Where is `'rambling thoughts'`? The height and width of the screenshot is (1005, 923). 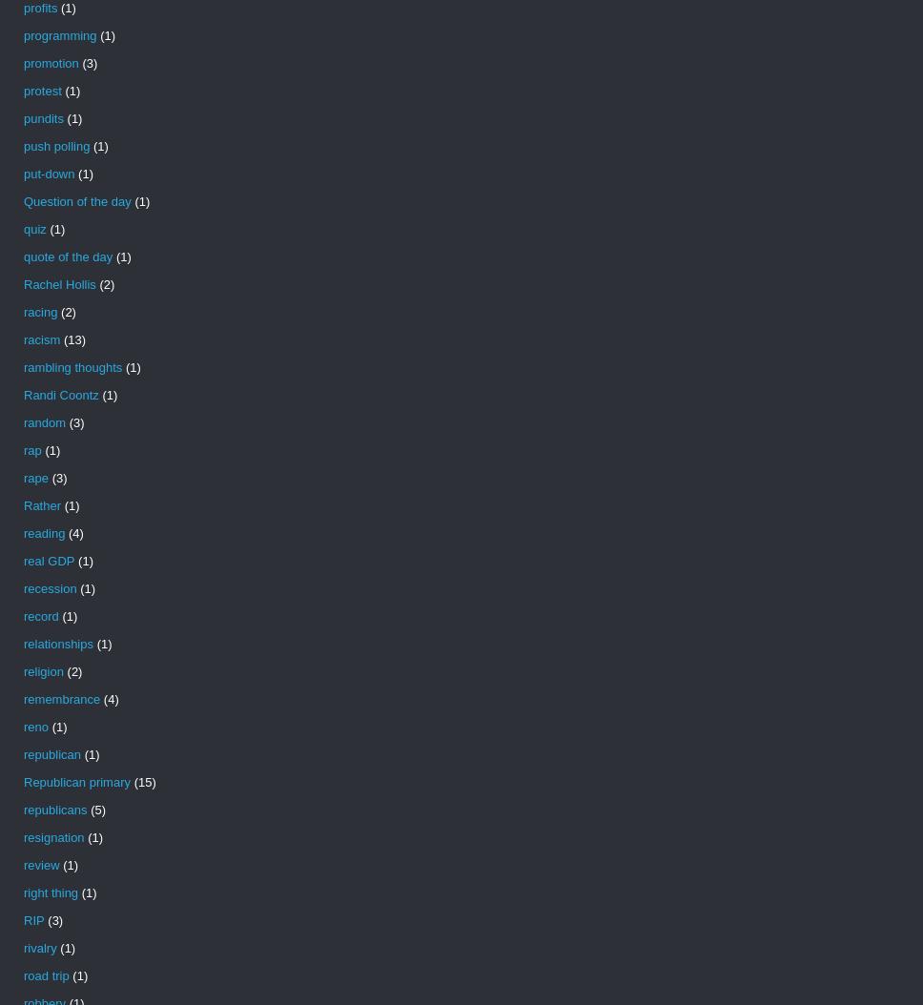
'rambling thoughts' is located at coordinates (72, 366).